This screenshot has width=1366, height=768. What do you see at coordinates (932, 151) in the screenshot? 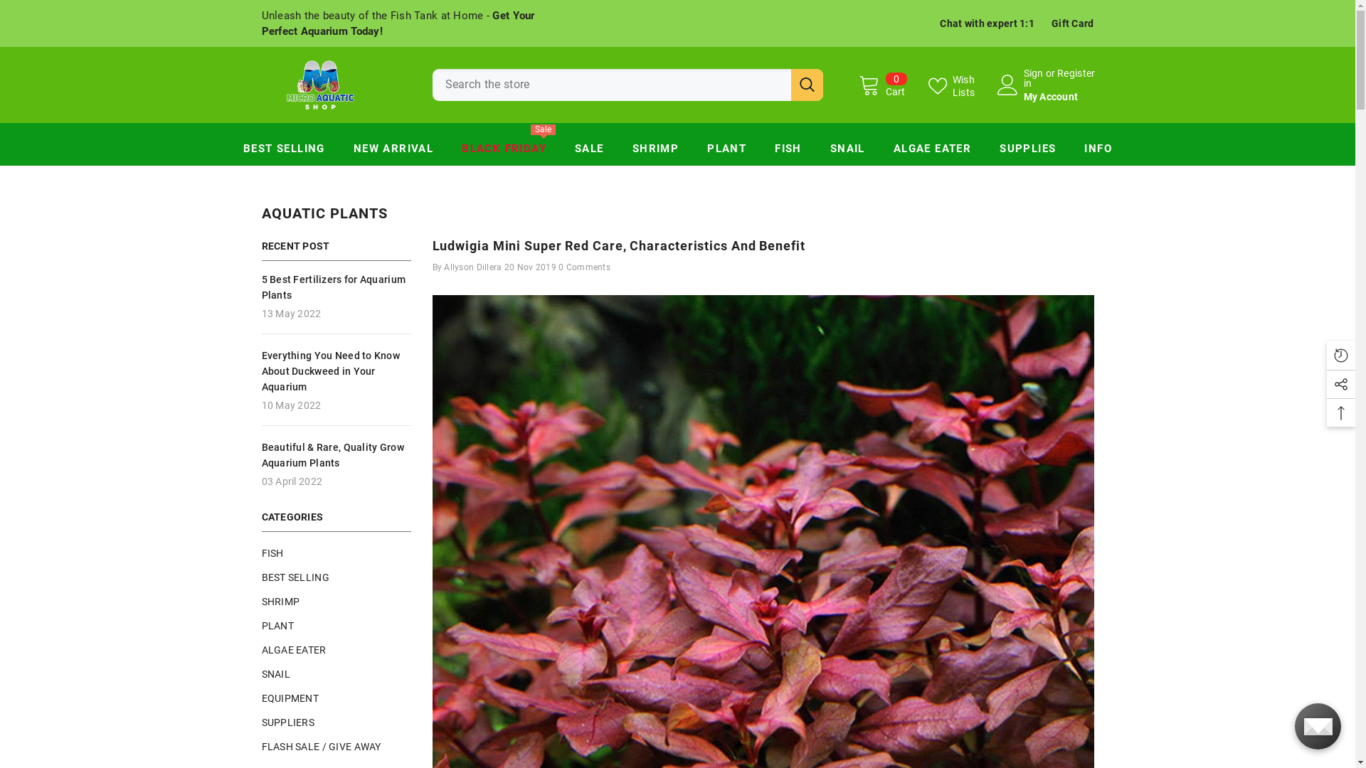
I see `'ALGAE EATER'` at bounding box center [932, 151].